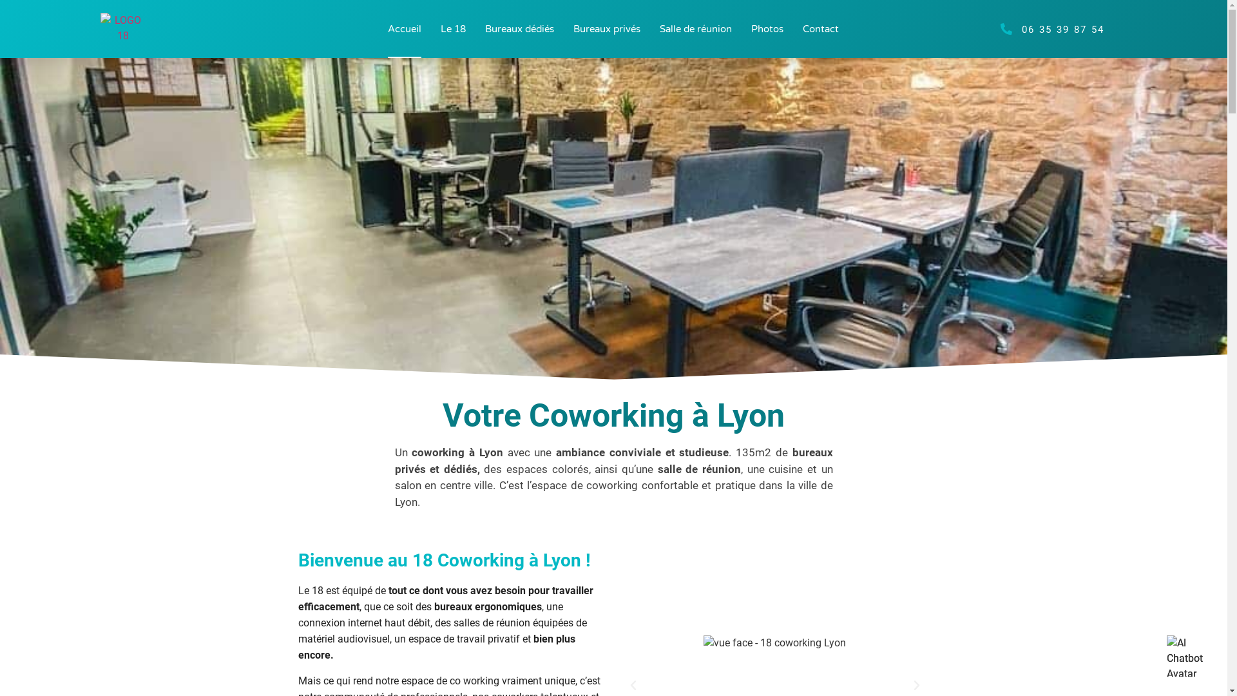  Describe the element at coordinates (767, 29) in the screenshot. I see `'Photos'` at that location.